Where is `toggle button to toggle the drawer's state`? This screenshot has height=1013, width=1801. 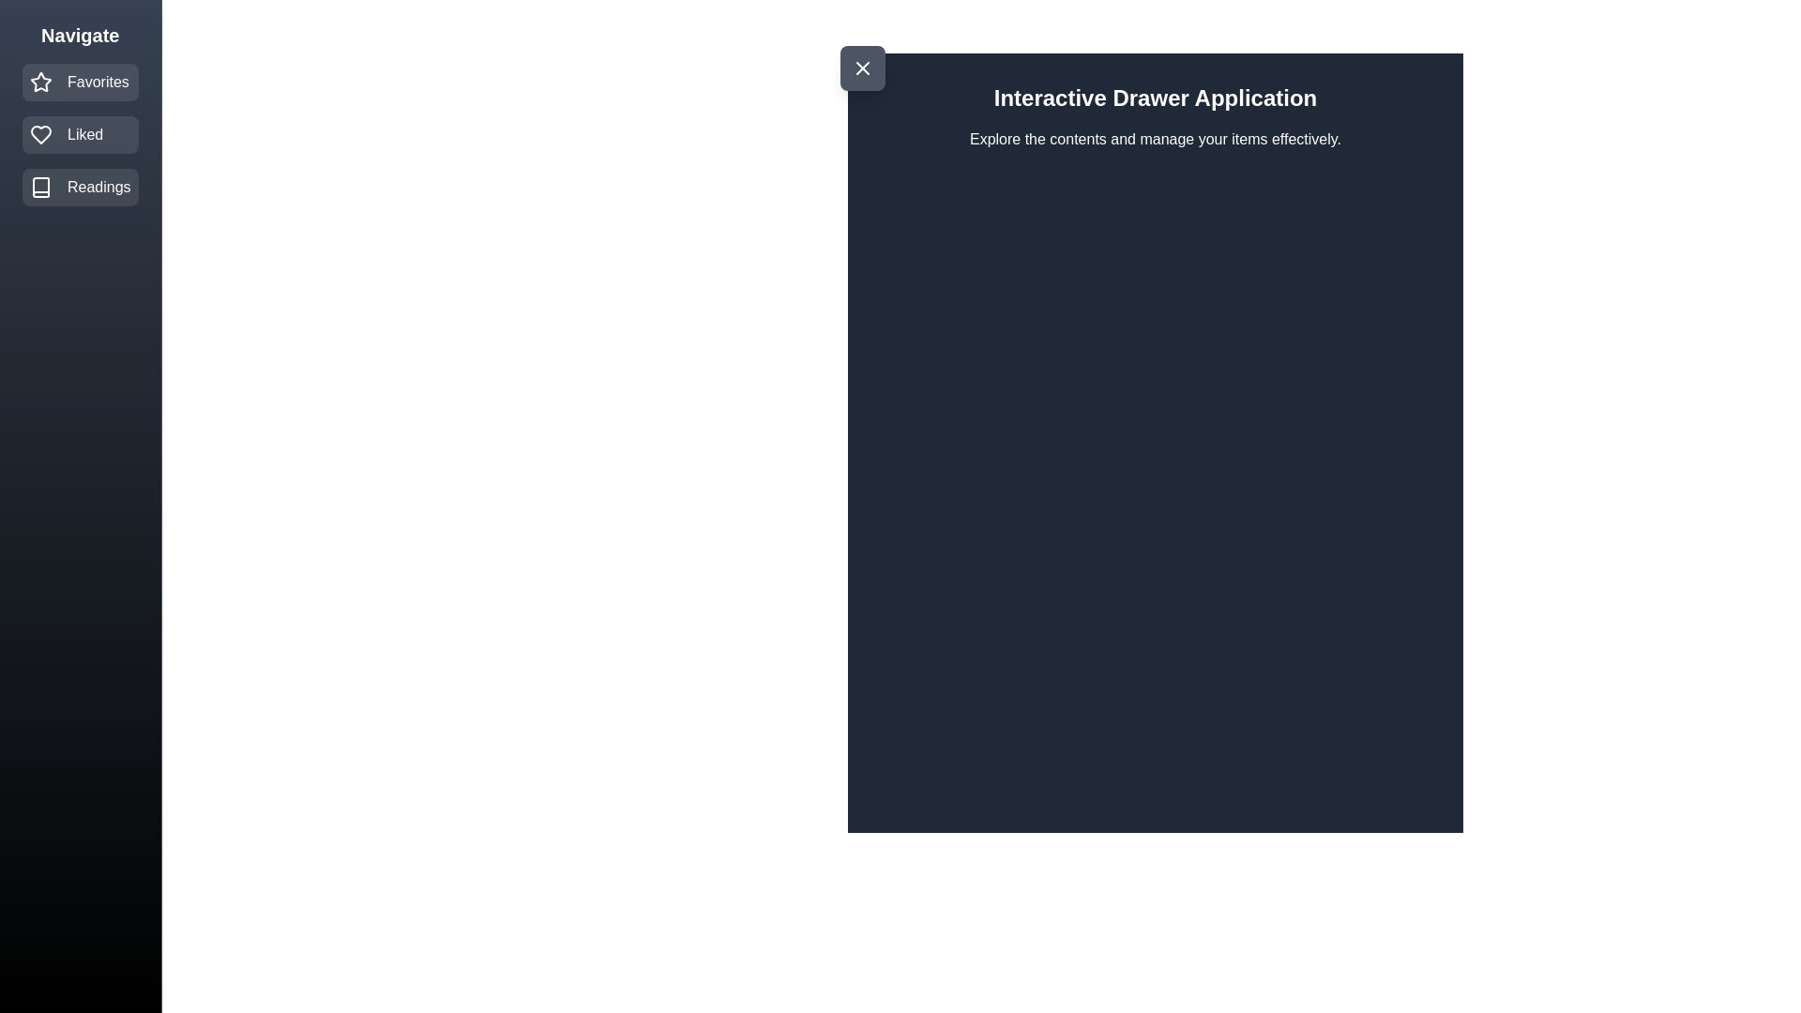 toggle button to toggle the drawer's state is located at coordinates (862, 68).